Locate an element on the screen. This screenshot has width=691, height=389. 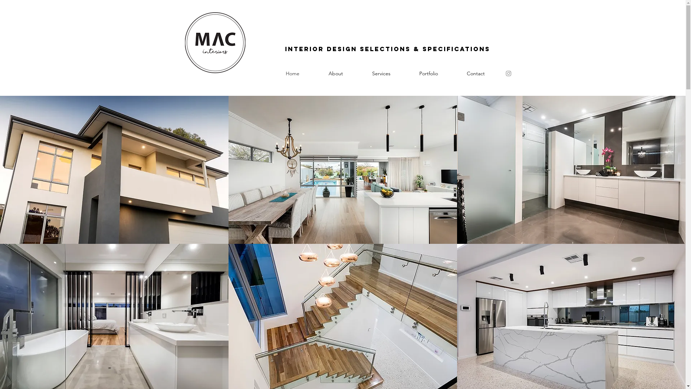
'Contact' is located at coordinates (475, 73).